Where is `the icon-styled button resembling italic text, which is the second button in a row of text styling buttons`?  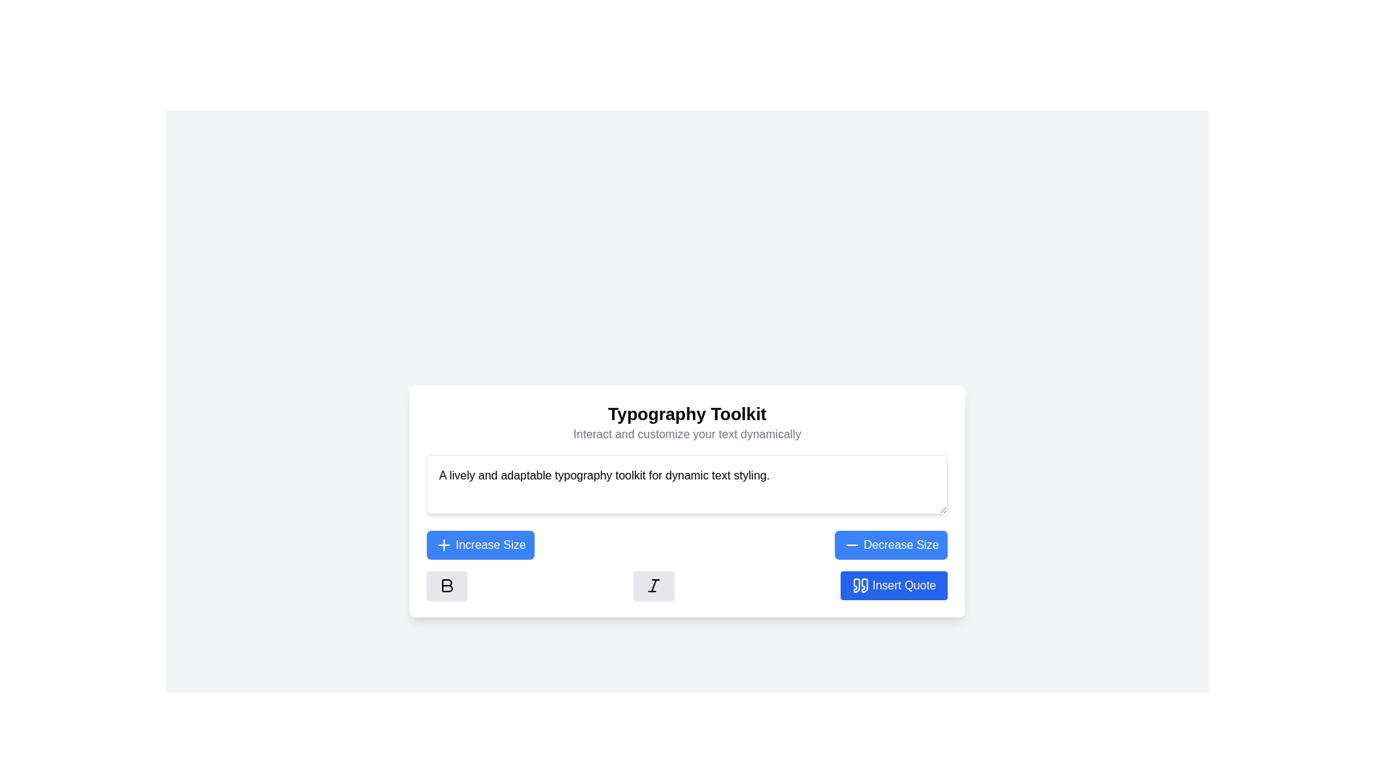 the icon-styled button resembling italic text, which is the second button in a row of text styling buttons is located at coordinates (653, 584).